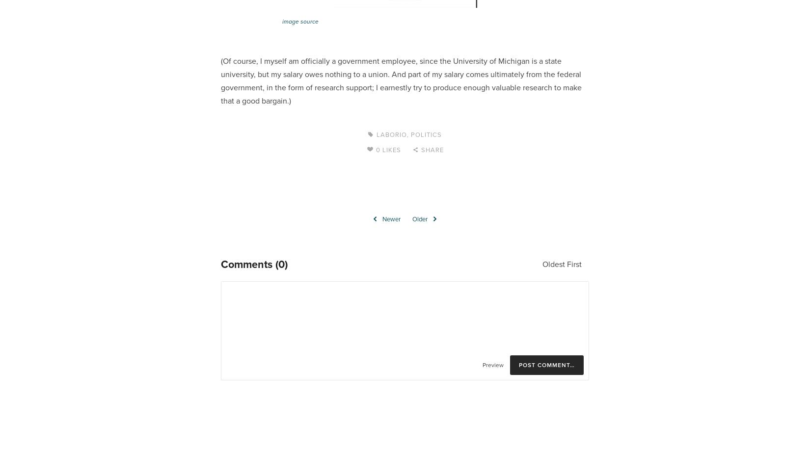 The height and width of the screenshot is (453, 810). Describe the element at coordinates (391, 218) in the screenshot. I see `'Newer'` at that location.